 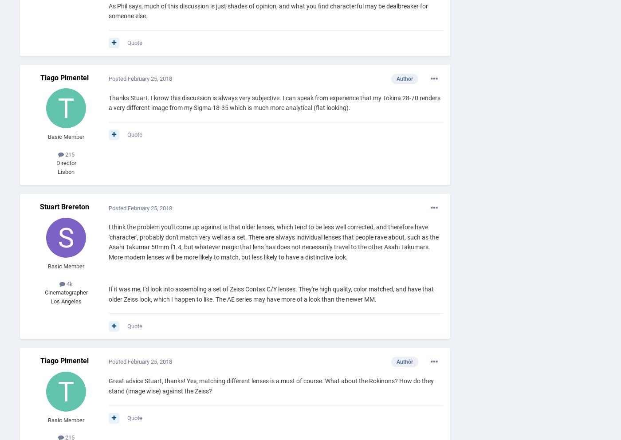 I want to click on '4k', so click(x=65, y=283).